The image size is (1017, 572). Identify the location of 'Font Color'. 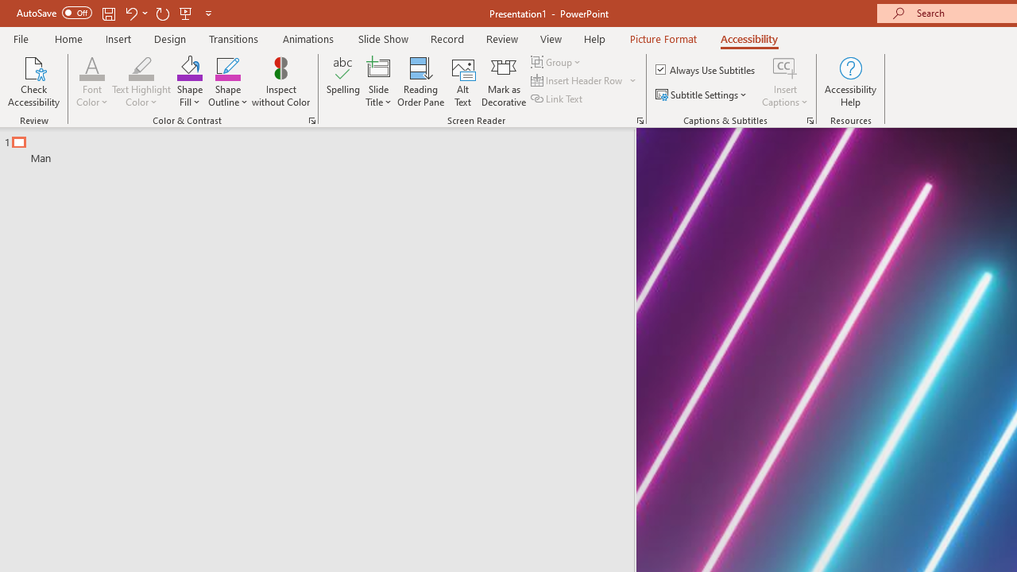
(91, 82).